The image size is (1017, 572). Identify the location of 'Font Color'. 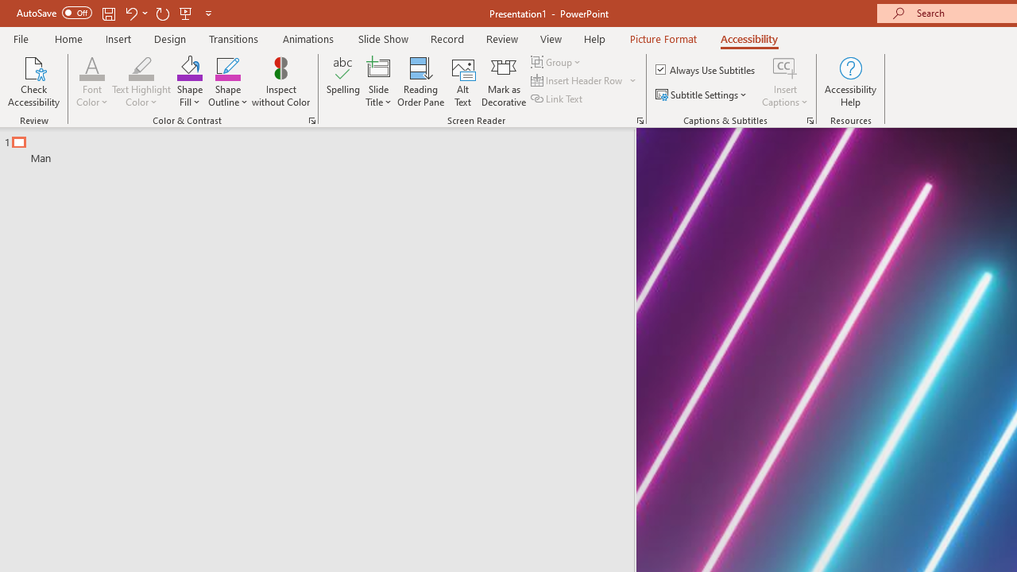
(91, 82).